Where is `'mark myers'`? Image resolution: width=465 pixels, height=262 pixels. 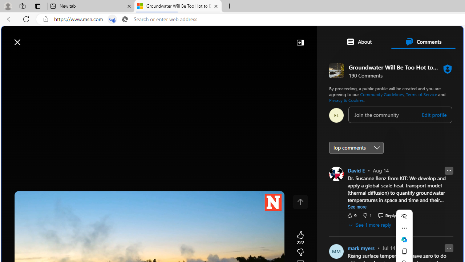
'mark myers' is located at coordinates (361, 247).